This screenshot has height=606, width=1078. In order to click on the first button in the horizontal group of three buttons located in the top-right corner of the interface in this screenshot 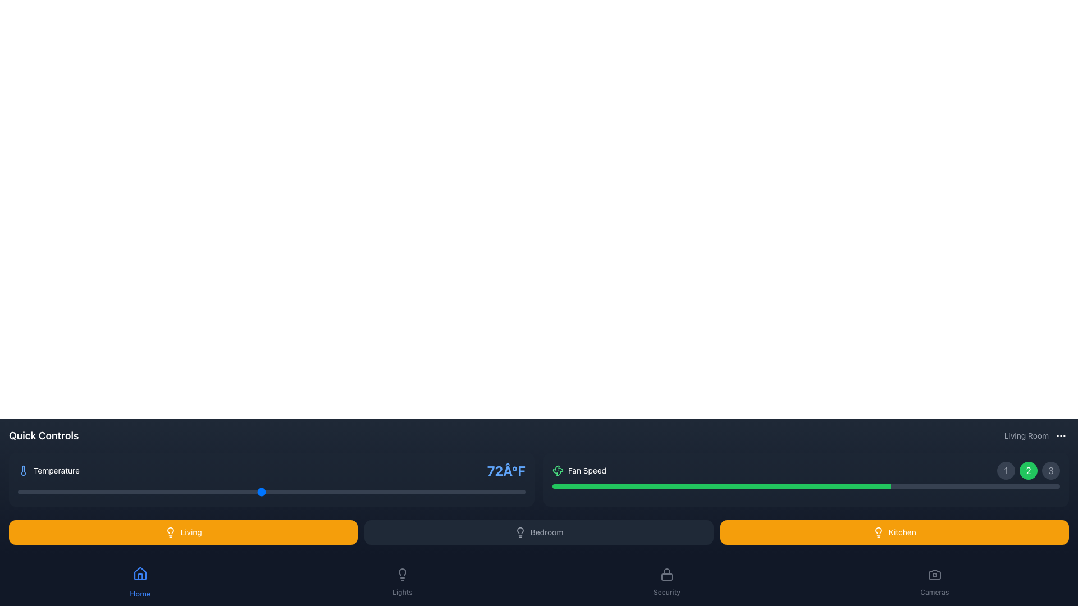, I will do `click(1006, 471)`.